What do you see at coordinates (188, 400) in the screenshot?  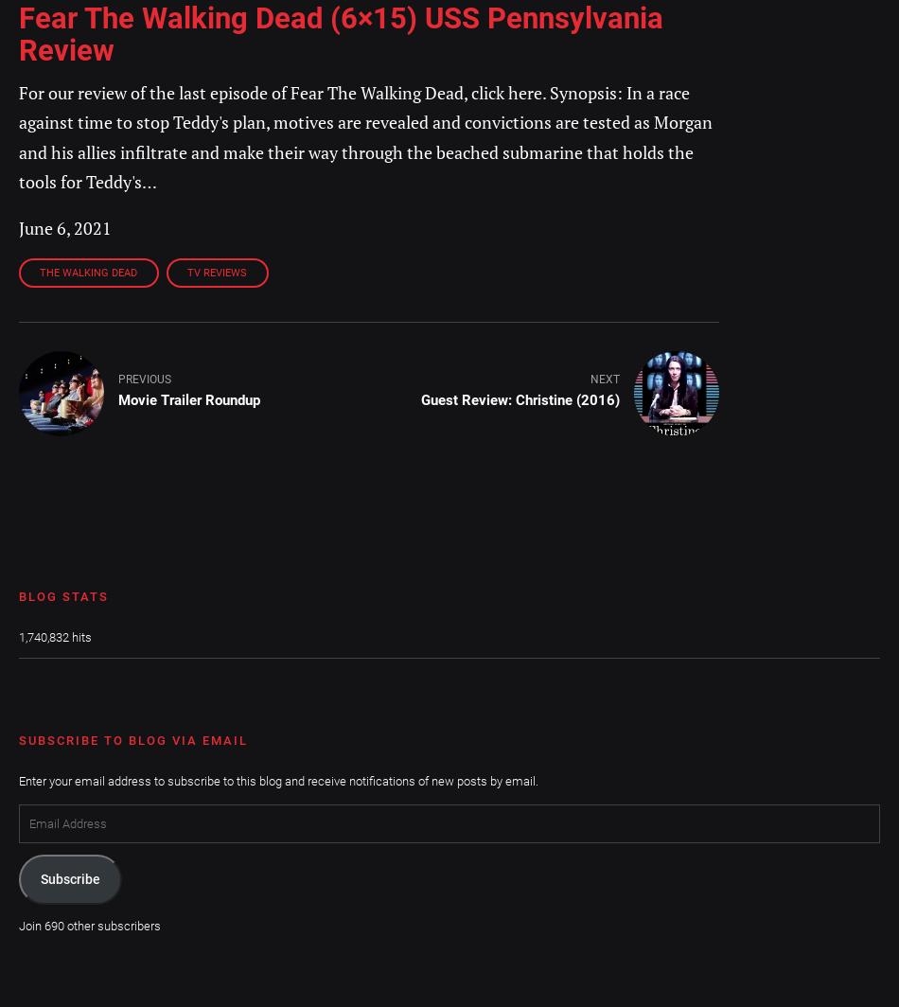 I see `'Movie Trailer Roundup'` at bounding box center [188, 400].